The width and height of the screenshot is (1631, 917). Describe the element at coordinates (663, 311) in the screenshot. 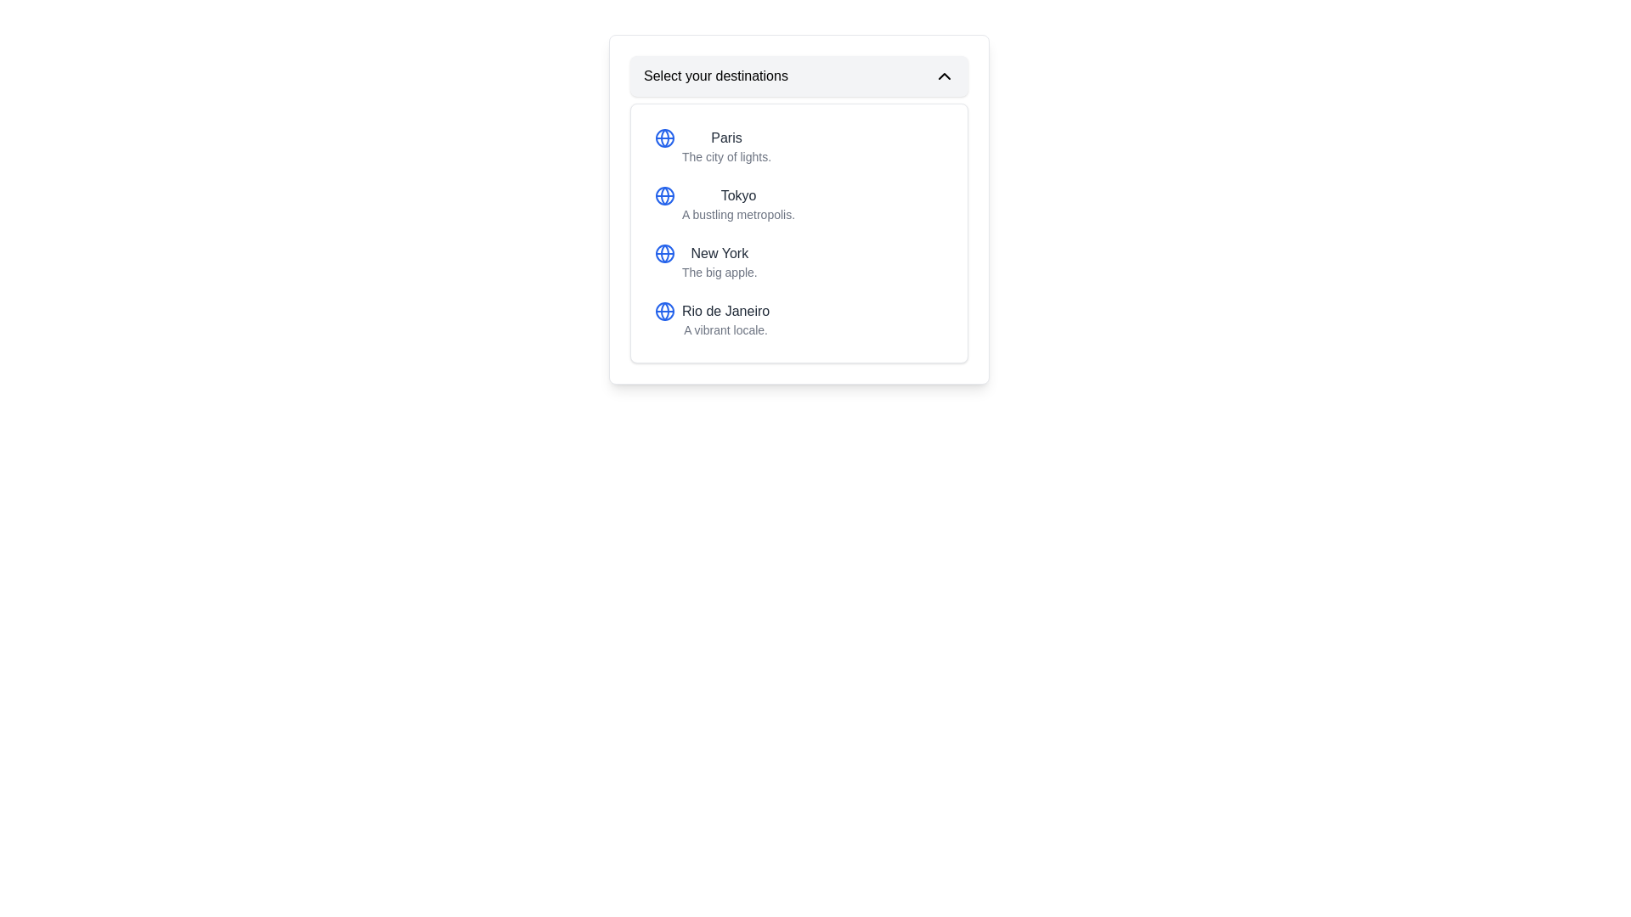

I see `the 'Globe' icon located to the left of the text label 'Rio de Janeiro', which is the fourth item in a vertical list of destinations` at that location.